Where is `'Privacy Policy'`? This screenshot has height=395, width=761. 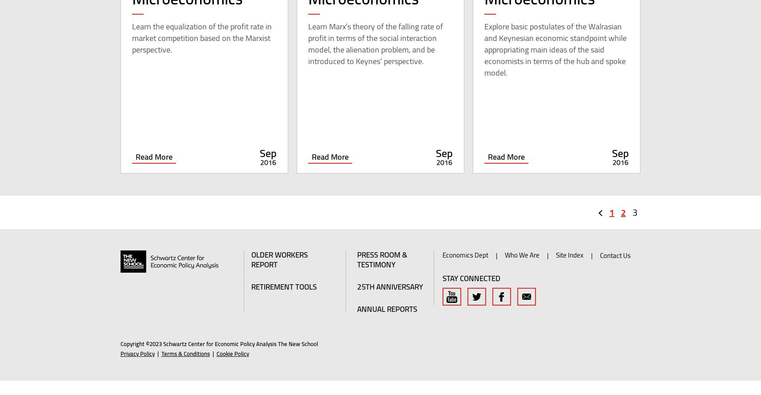 'Privacy Policy' is located at coordinates (119, 367).